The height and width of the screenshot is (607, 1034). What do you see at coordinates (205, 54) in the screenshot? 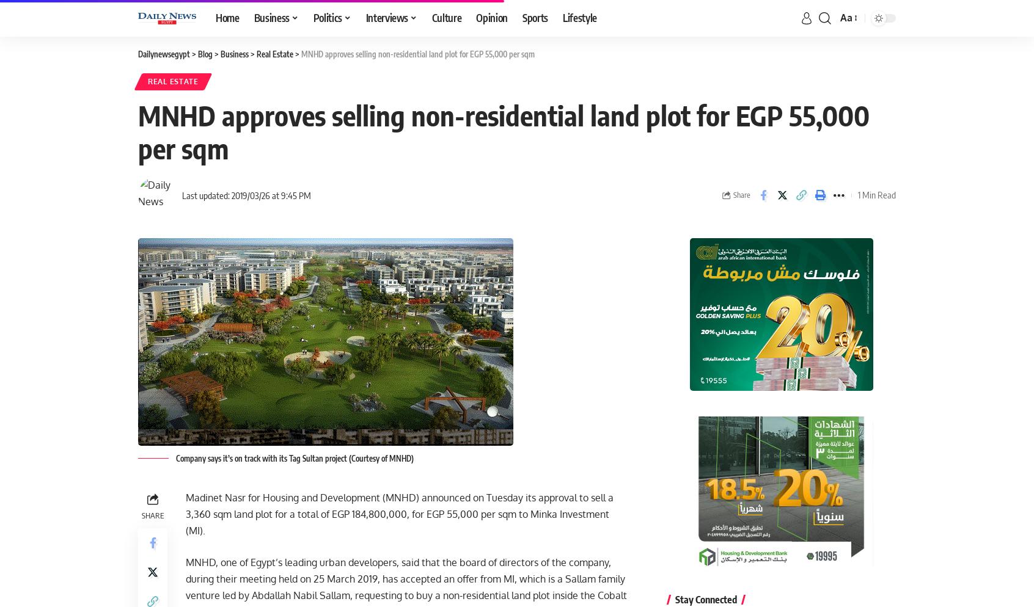
I see `'Blog'` at bounding box center [205, 54].